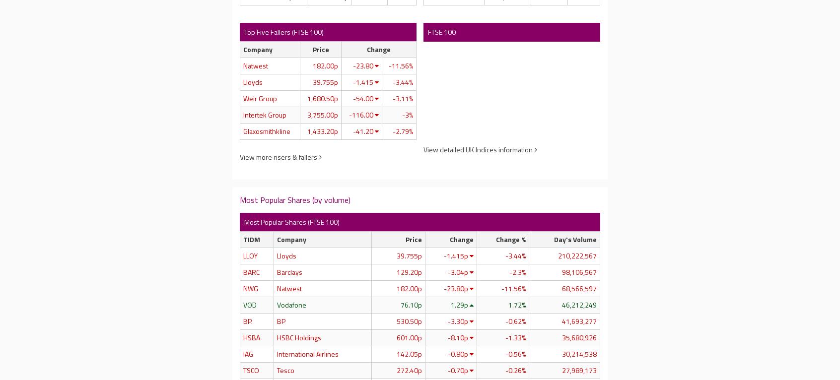 This screenshot has width=840, height=380. I want to click on 'View more risers & fallers', so click(279, 156).